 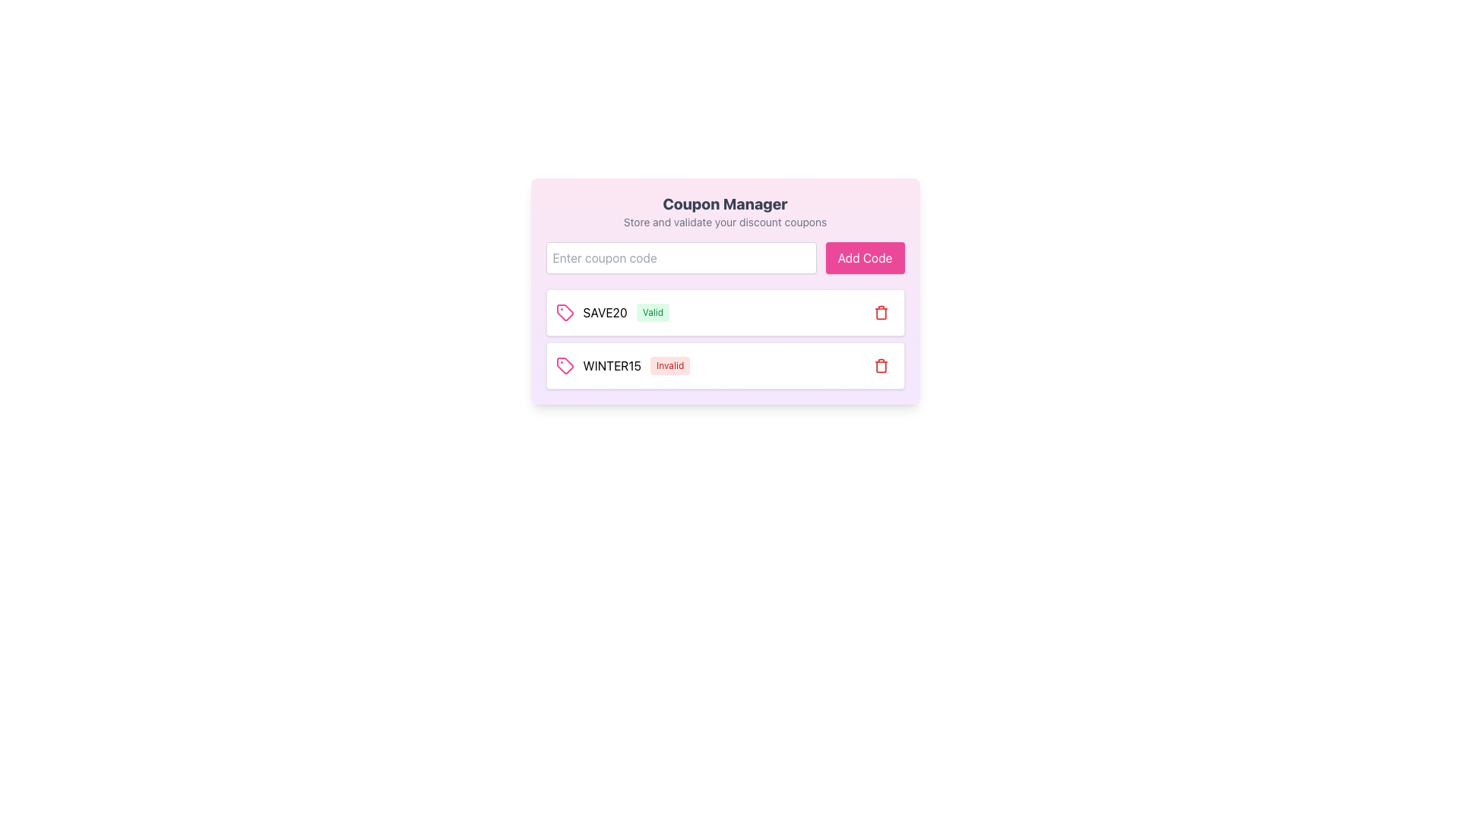 What do you see at coordinates (724, 203) in the screenshot?
I see `the bold, extra-large gray text element reading 'Coupon Manager' located at the top of the user interface section` at bounding box center [724, 203].